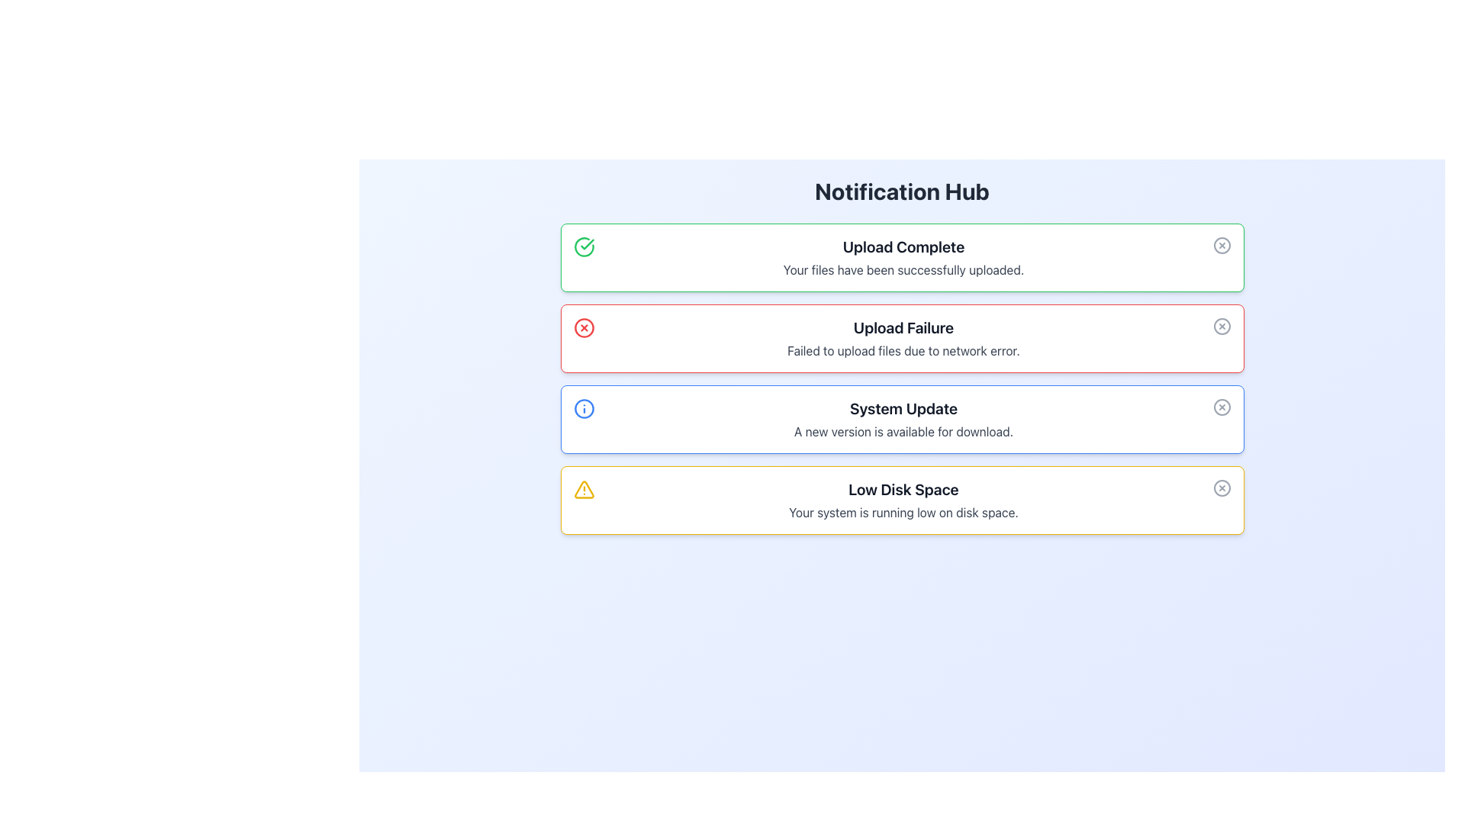 The image size is (1465, 824). I want to click on the error icon in the 'Upload Failure' notification card, which is the second card from the top and has a red border, so click(583, 327).